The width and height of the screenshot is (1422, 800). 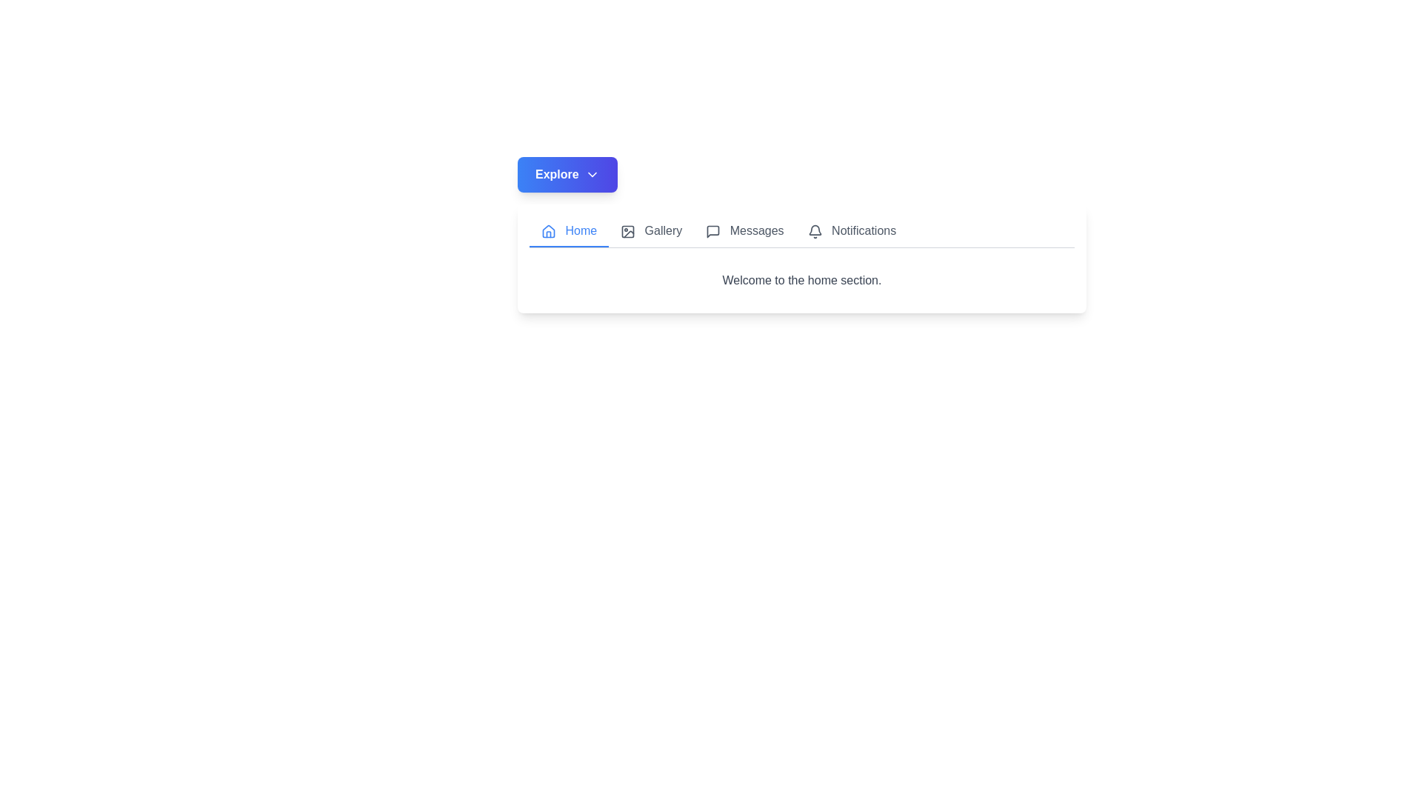 What do you see at coordinates (713, 231) in the screenshot?
I see `the speech bubble icon in the navigation menu, which represents messages, located to the left of the 'Messages' label` at bounding box center [713, 231].